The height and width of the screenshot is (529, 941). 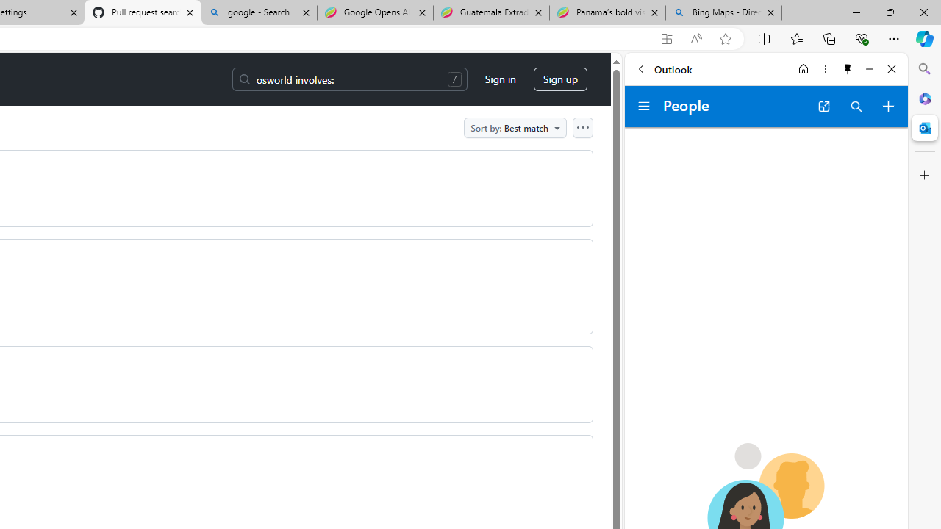 I want to click on 'Google Opens AI Academy for Startups - Nearshore Americas', so click(x=375, y=12).